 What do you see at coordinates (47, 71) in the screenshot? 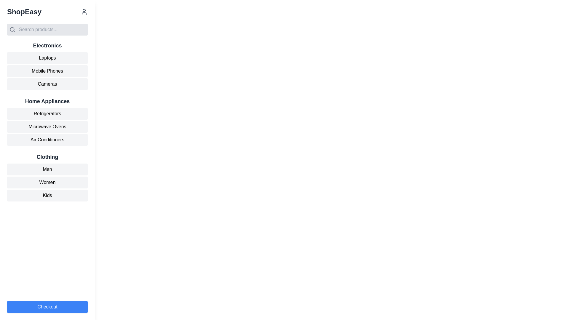
I see `the navigational button for mobile phones located in the second position of the vertical list under the 'Electronics' section` at bounding box center [47, 71].